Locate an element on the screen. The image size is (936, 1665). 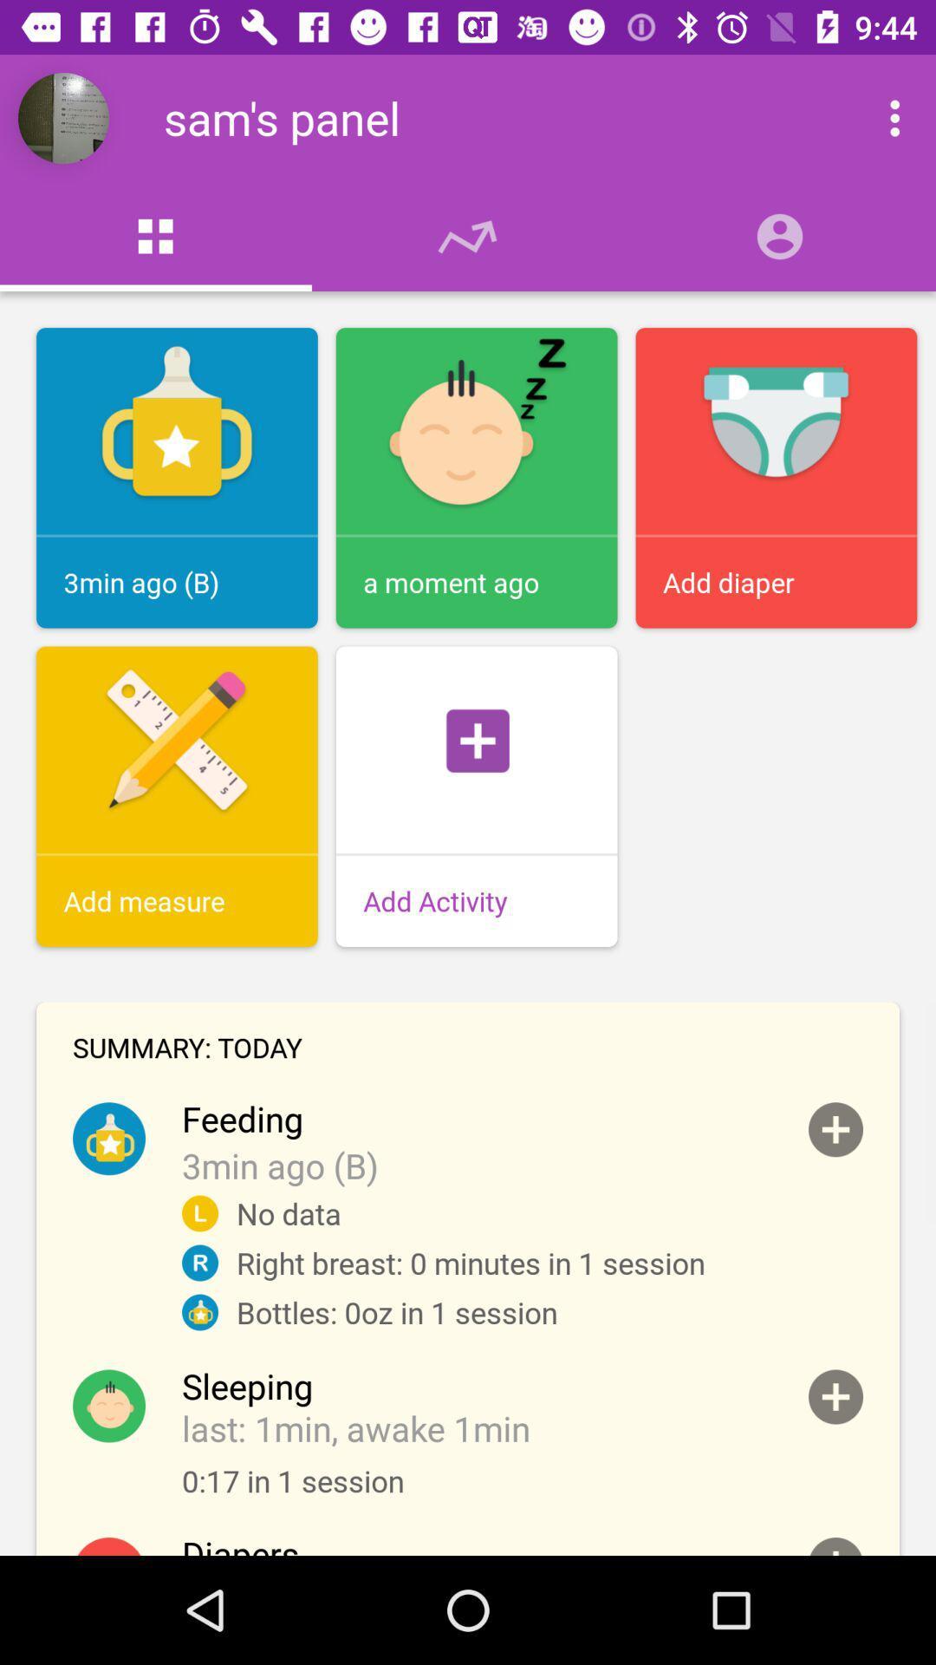
options is located at coordinates (876, 117).